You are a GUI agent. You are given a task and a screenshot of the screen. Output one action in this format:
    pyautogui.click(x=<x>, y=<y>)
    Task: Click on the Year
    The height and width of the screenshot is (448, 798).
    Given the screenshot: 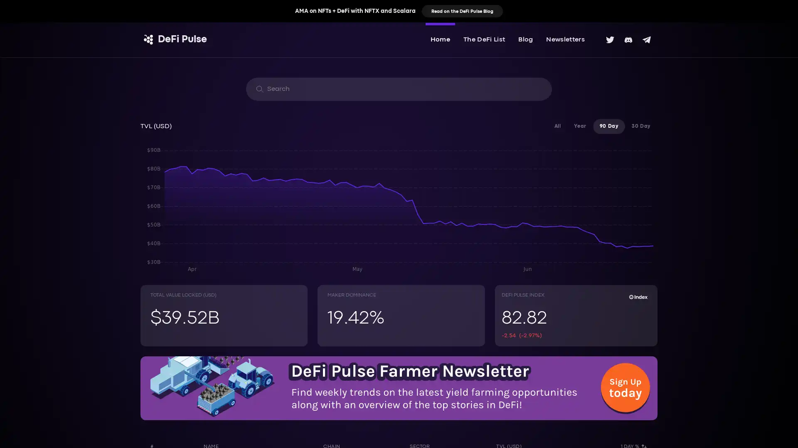 What is the action you would take?
    pyautogui.click(x=579, y=126)
    